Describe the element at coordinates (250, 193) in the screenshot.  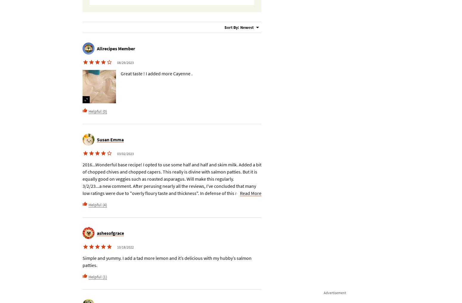
I see `'Read More'` at that location.